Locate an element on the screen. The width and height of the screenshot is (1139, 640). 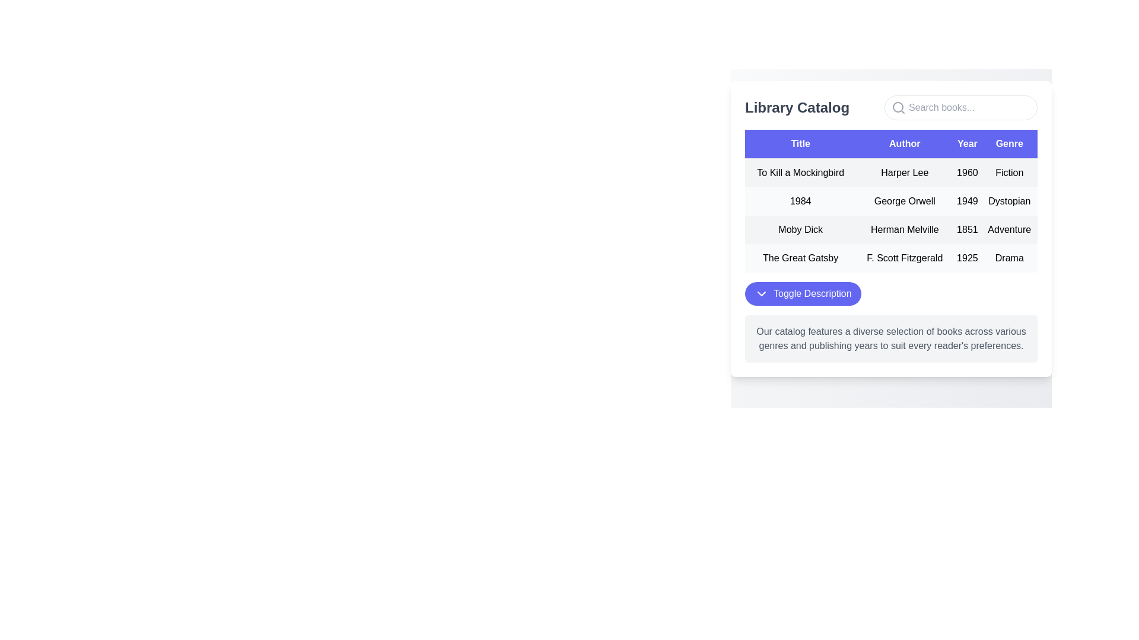
the text label displaying 'George Orwell' which is located in the second row under the 'Author' column of the table is located at coordinates (904, 200).